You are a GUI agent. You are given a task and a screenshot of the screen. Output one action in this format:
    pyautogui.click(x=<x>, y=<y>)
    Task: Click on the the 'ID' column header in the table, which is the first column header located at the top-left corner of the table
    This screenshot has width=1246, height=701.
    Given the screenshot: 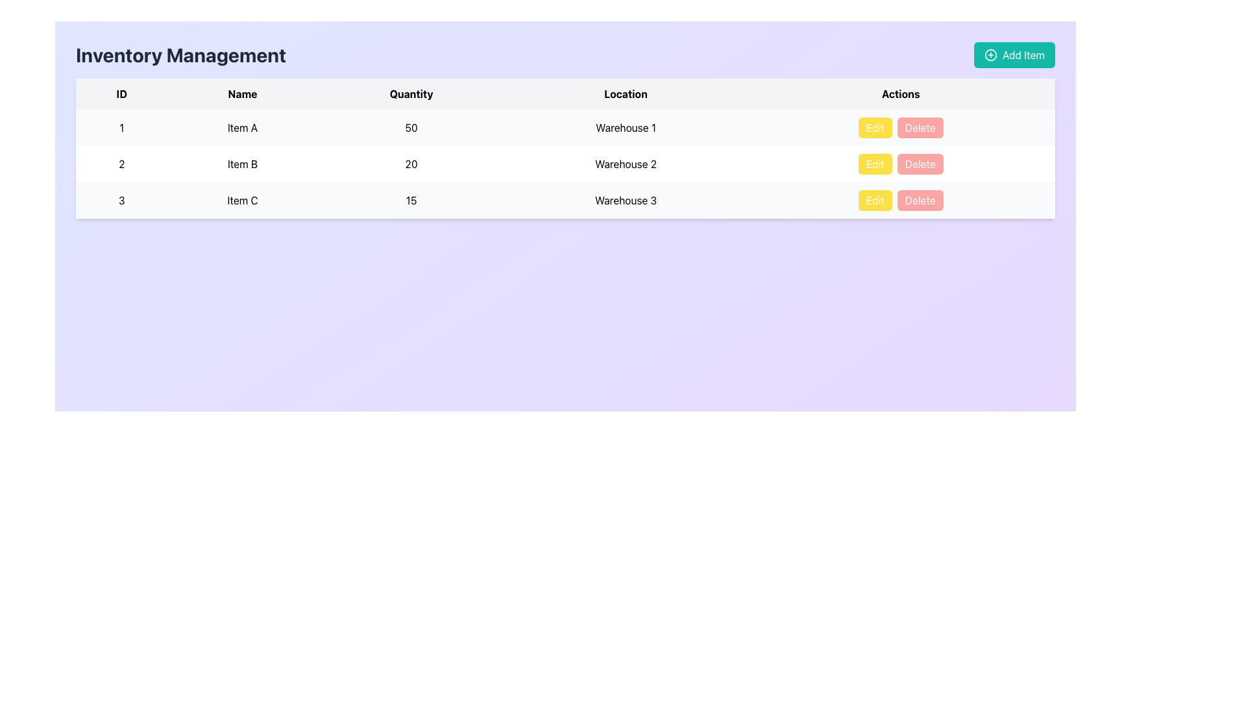 What is the action you would take?
    pyautogui.click(x=121, y=93)
    